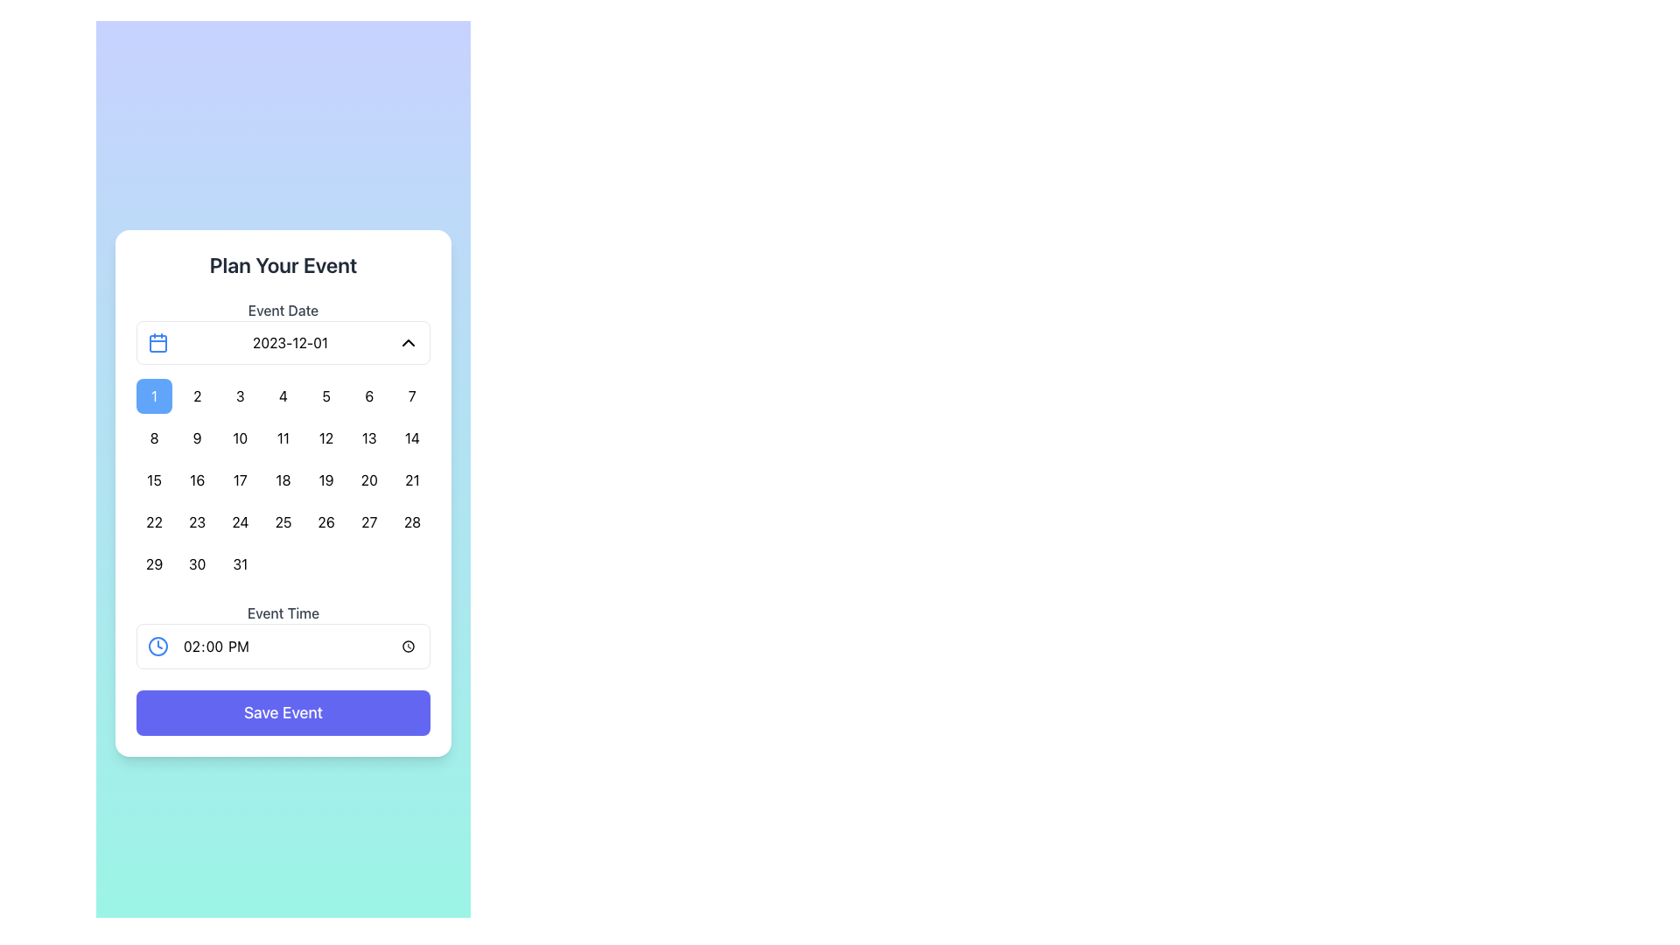 This screenshot has height=945, width=1680. What do you see at coordinates (239, 479) in the screenshot?
I see `the selectable calendar date button for the 17th day located in the third row and third column of the calendar grid` at bounding box center [239, 479].